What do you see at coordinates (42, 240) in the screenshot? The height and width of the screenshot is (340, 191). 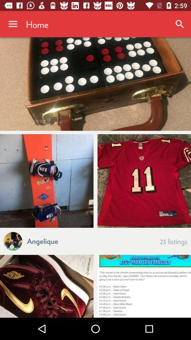 I see `item to the left of 23 listings icon` at bounding box center [42, 240].